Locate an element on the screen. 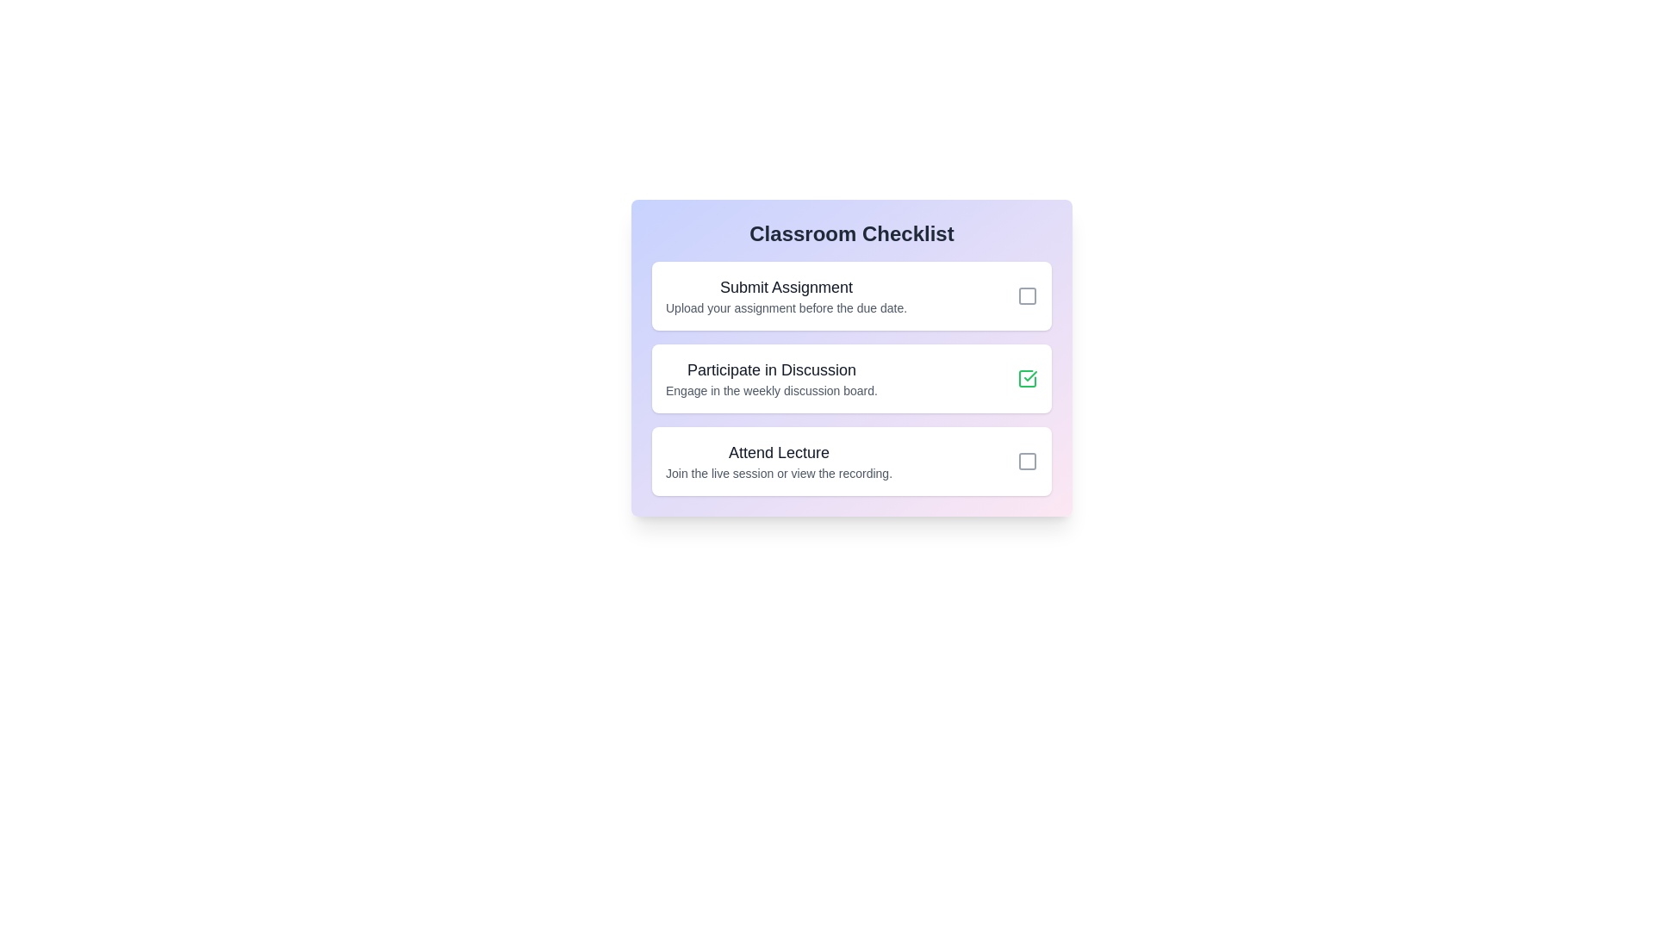 This screenshot has height=930, width=1654. text content of the Heading Text located at the top of the card-like component above the checklist of tasks is located at coordinates (851, 234).